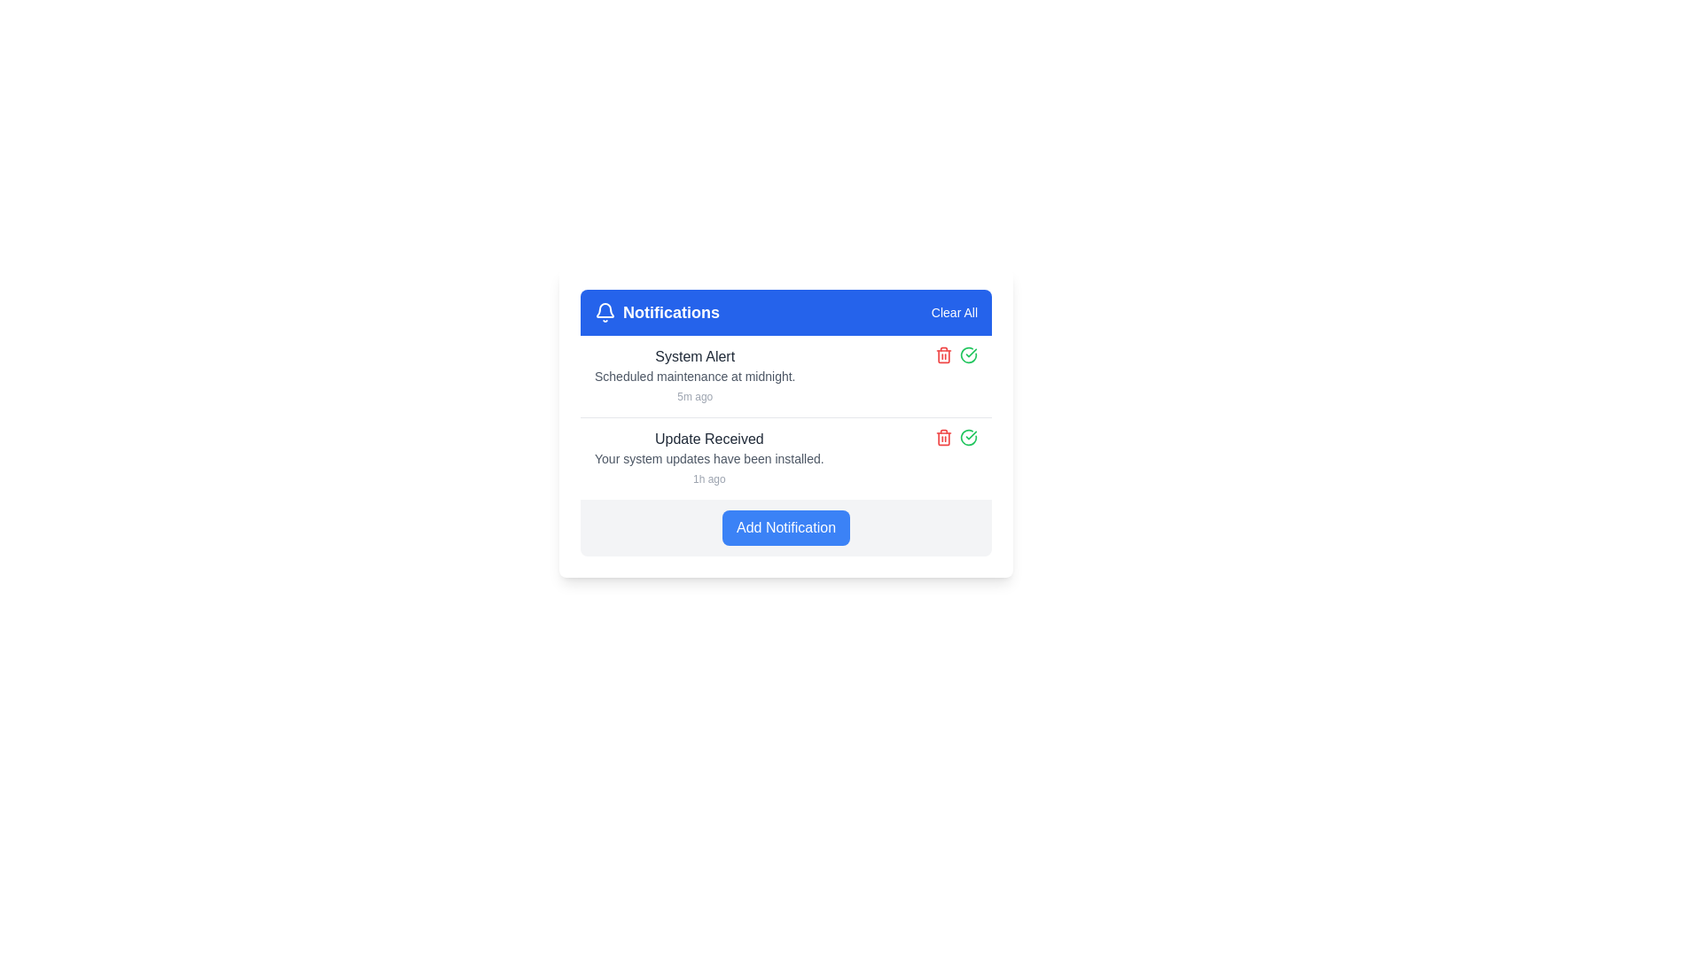 This screenshot has width=1702, height=957. I want to click on the 'Add Notification' button, which is a rectangular button with rounded corners, blue background, and white text located at the bottom section of the notification card, so click(785, 527).